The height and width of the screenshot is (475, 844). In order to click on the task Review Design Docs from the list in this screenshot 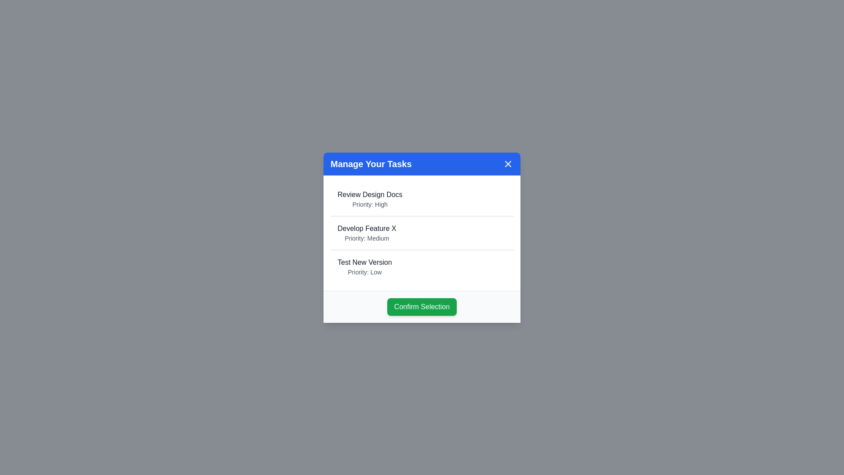, I will do `click(370, 194)`.